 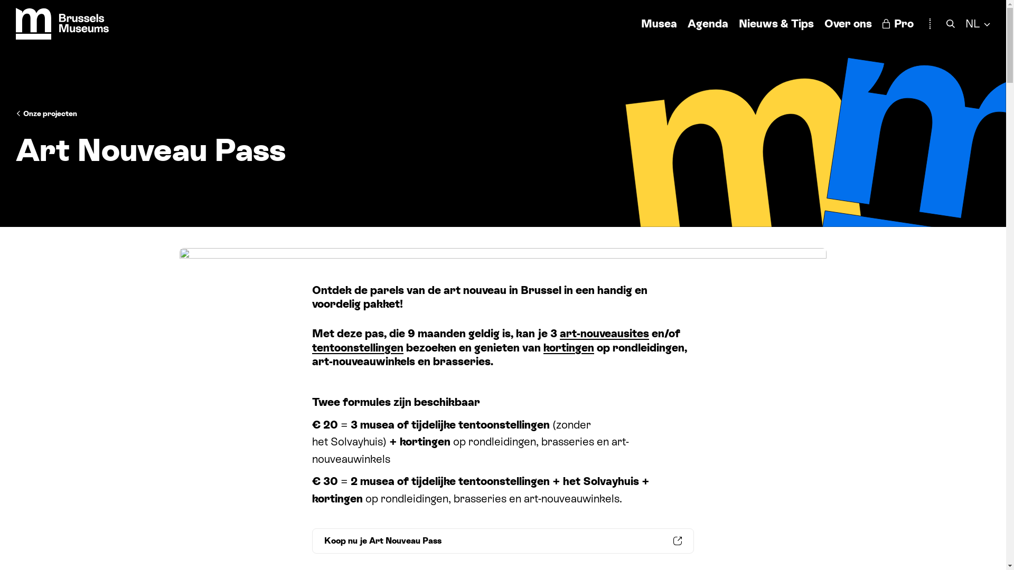 What do you see at coordinates (45, 113) in the screenshot?
I see `'Onze projecten'` at bounding box center [45, 113].